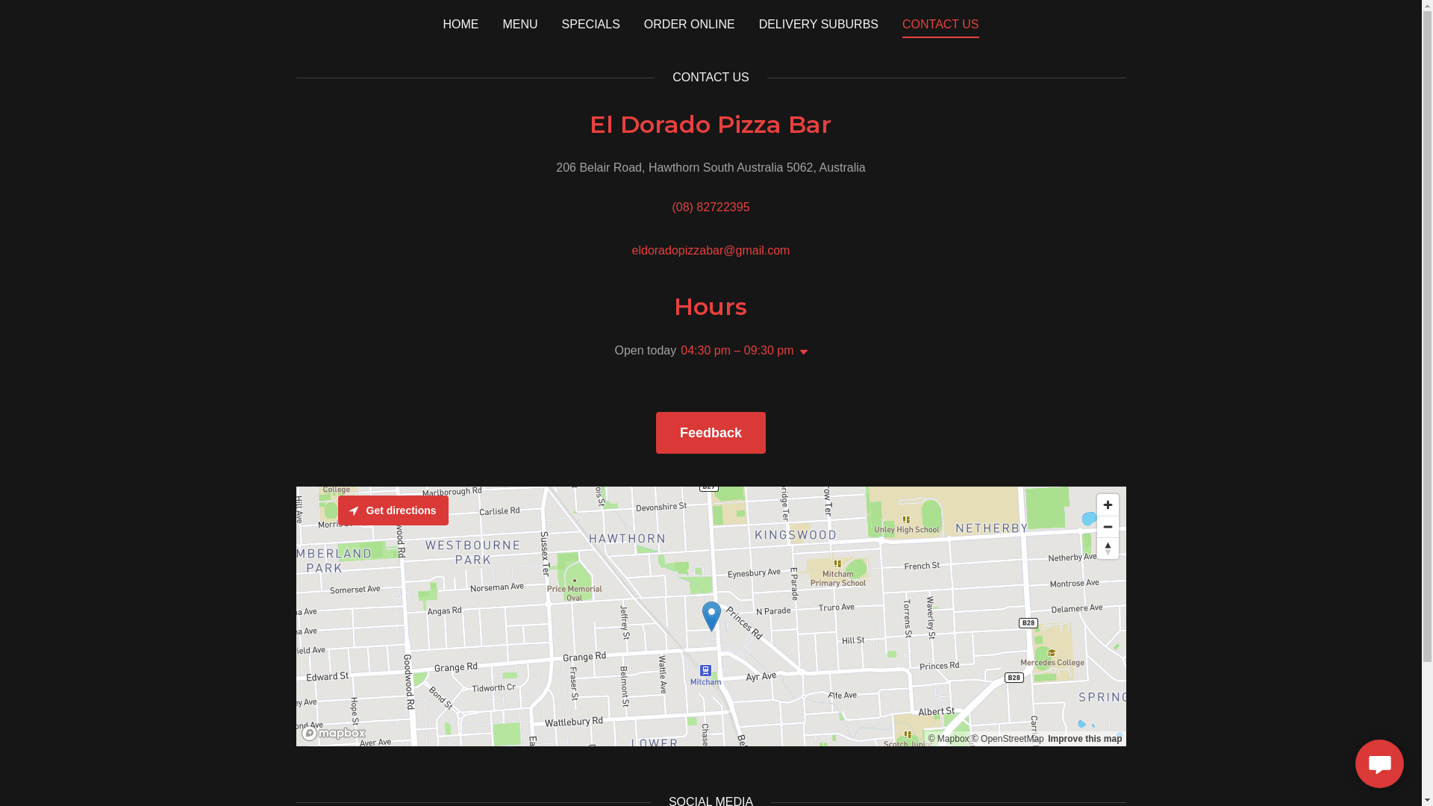  What do you see at coordinates (709, 207) in the screenshot?
I see `'(08) 82722395'` at bounding box center [709, 207].